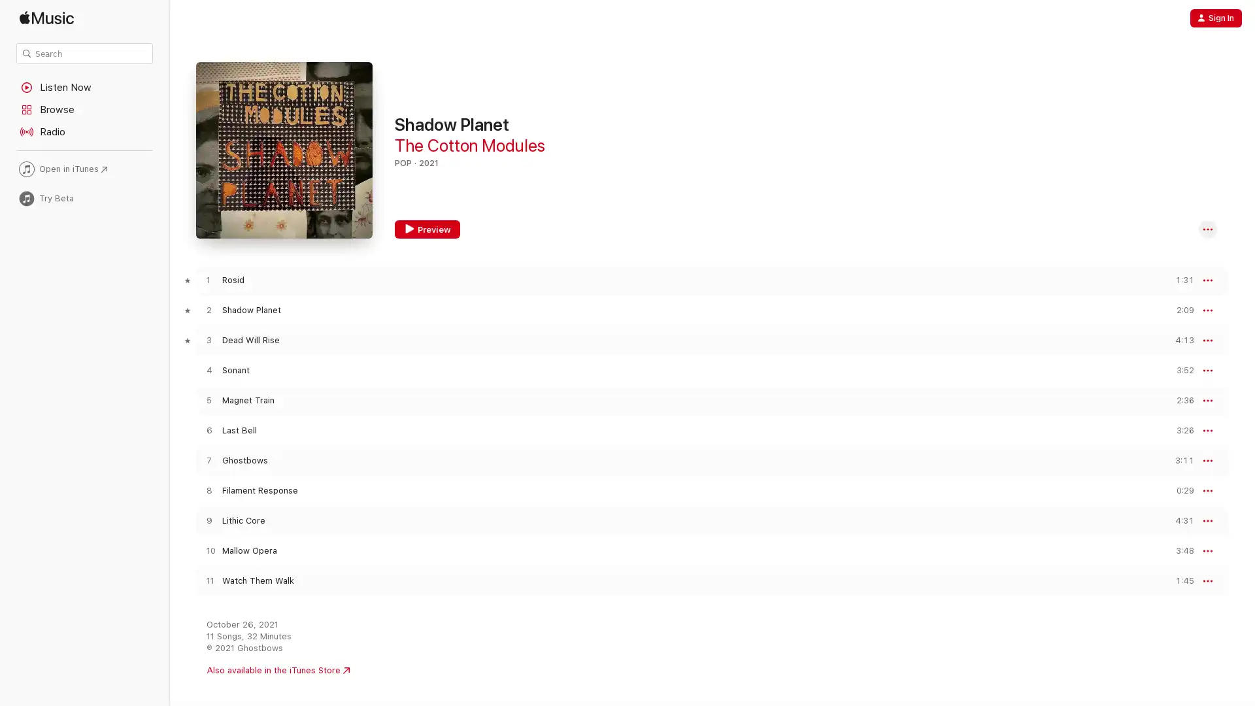  I want to click on More, so click(1207, 460).